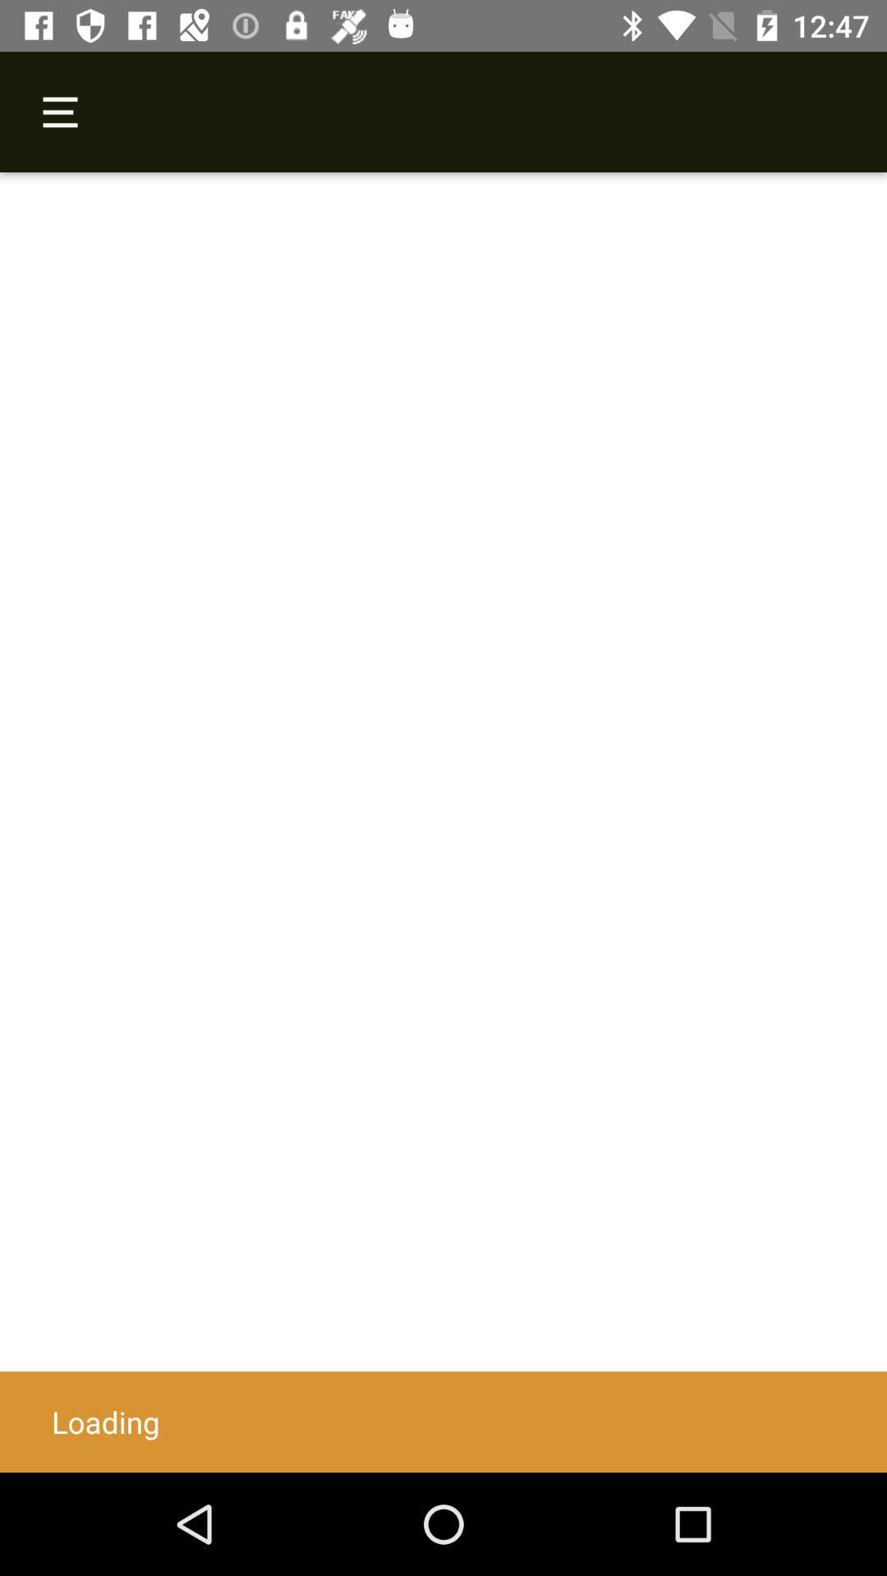  I want to click on icon at the top left corner, so click(59, 111).